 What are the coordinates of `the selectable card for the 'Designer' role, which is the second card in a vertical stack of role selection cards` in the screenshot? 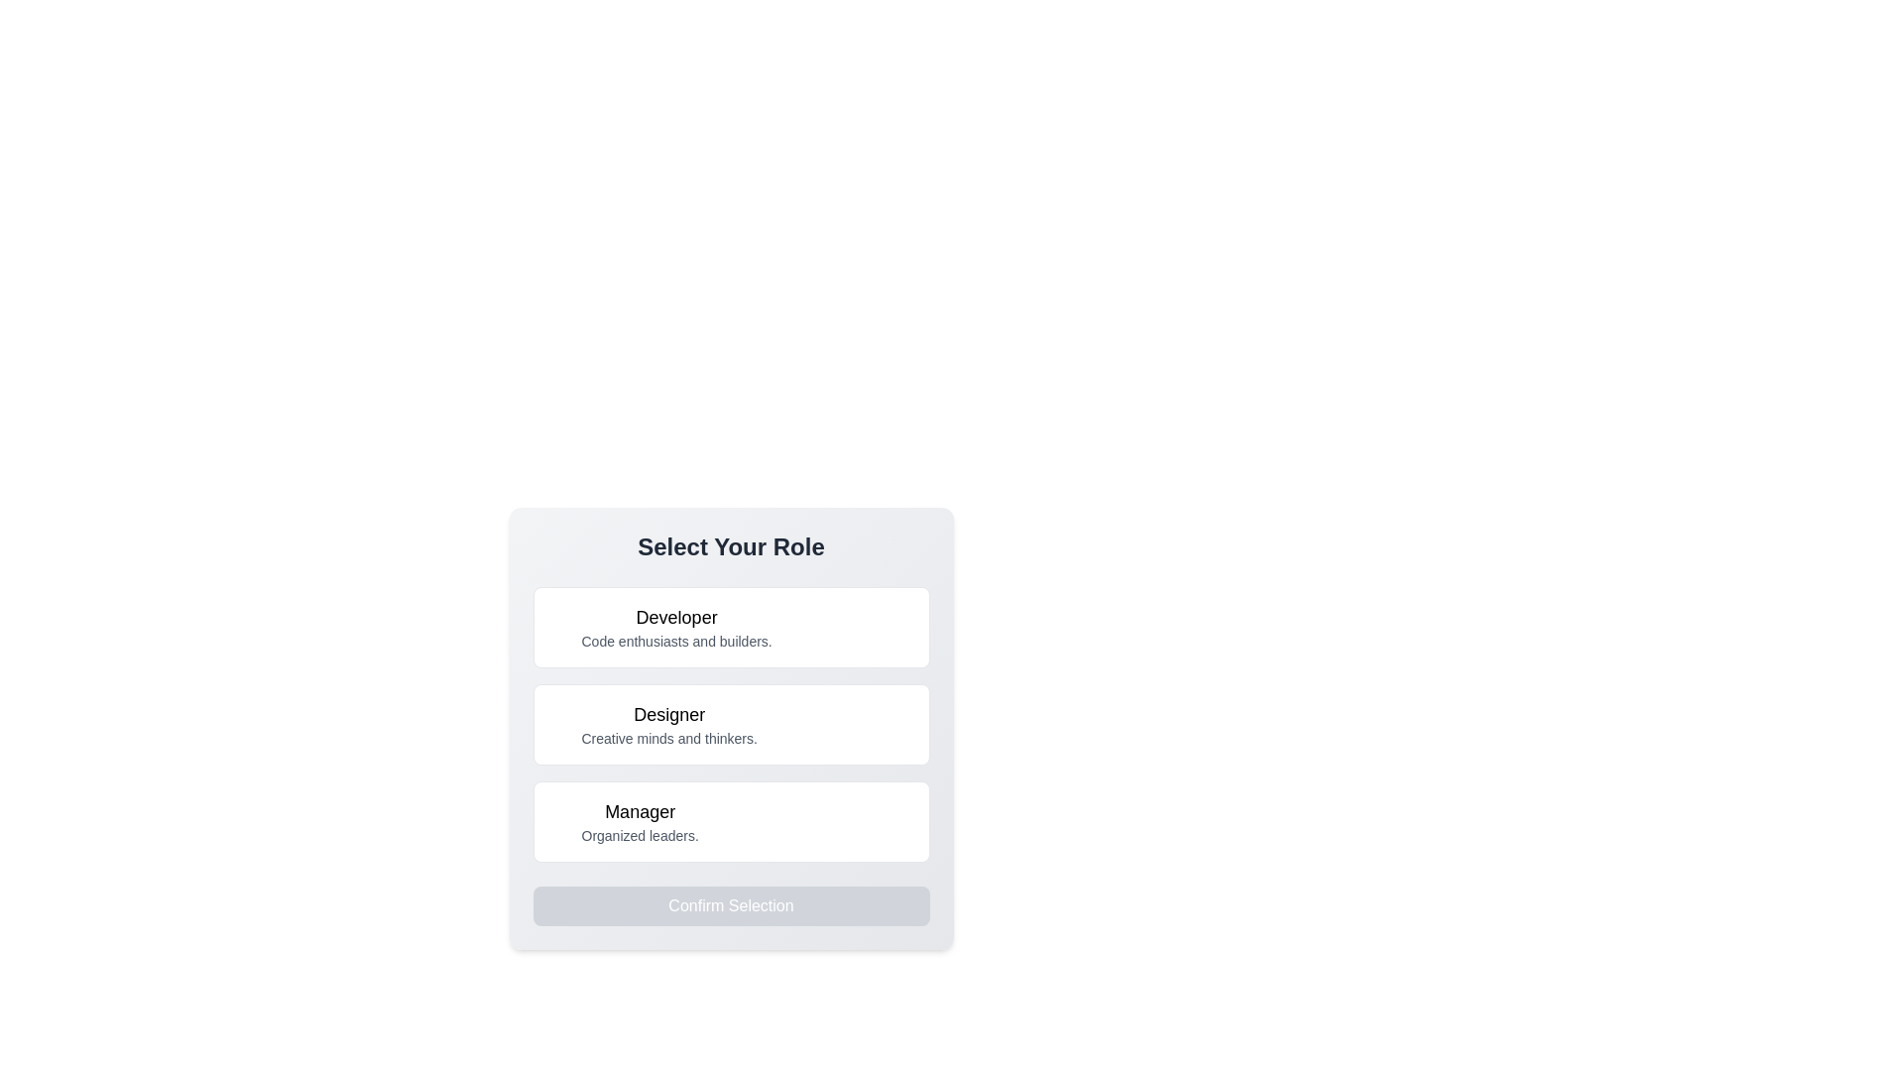 It's located at (730, 725).